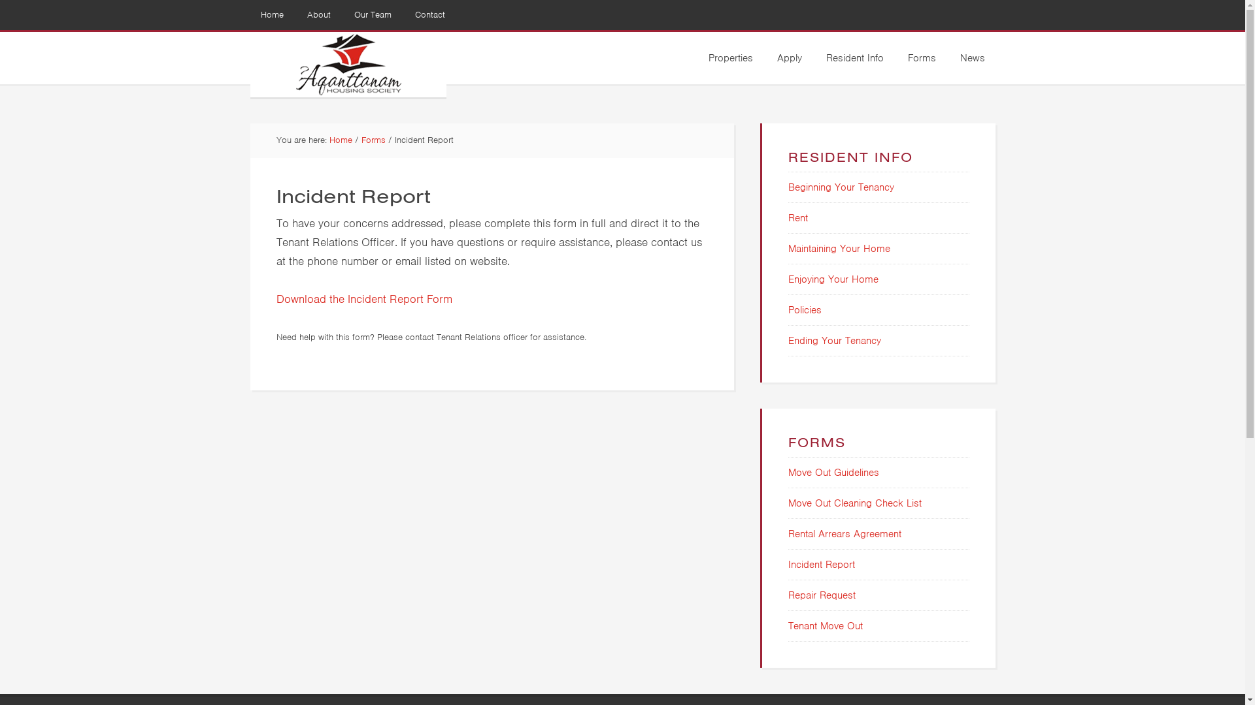 Image resolution: width=1255 pixels, height=705 pixels. I want to click on 'Policies', so click(804, 309).